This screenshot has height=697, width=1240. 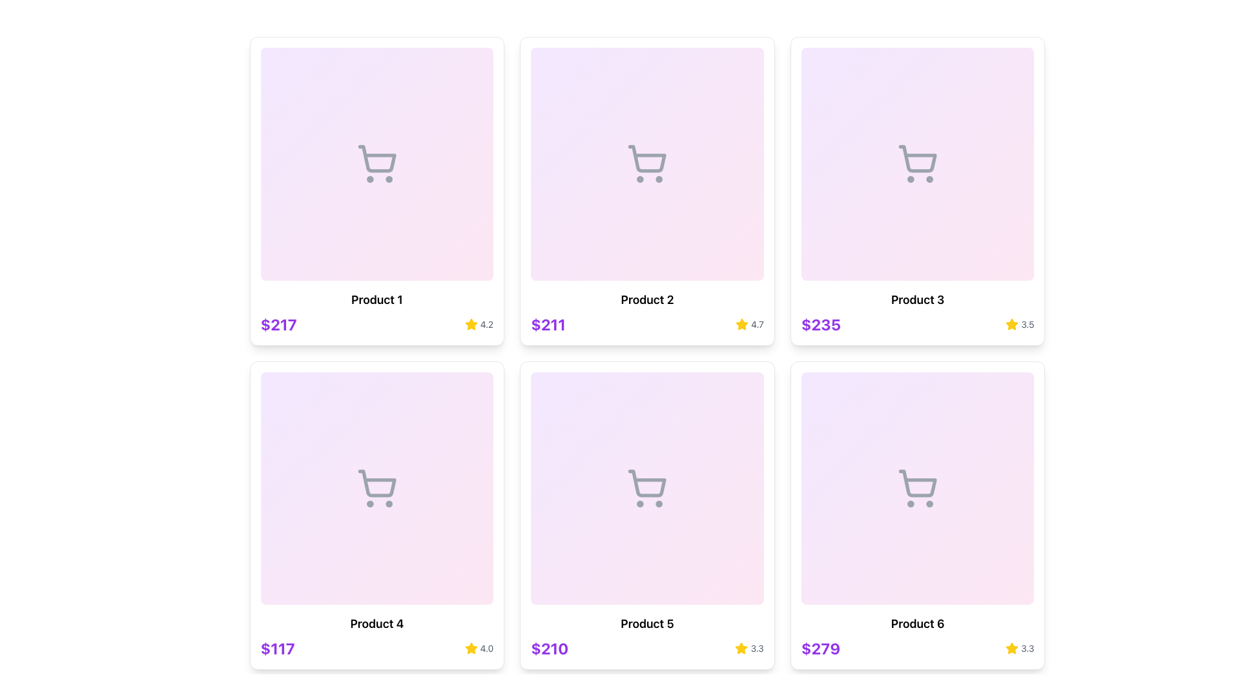 I want to click on the yellow star icon located in the first product card of the grid layout, which is positioned to the right of the numeric text '4.2' and below the product price, so click(x=470, y=323).